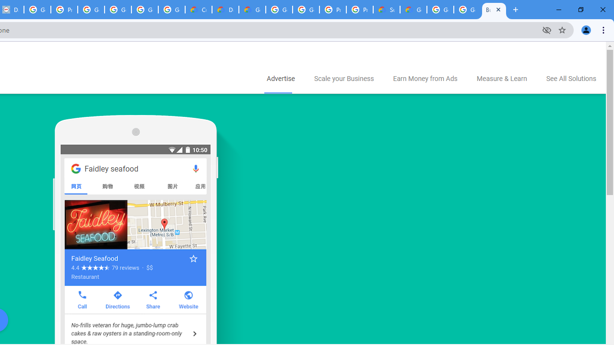 The height and width of the screenshot is (345, 614). Describe the element at coordinates (280, 79) in the screenshot. I see `'Advertise'` at that location.